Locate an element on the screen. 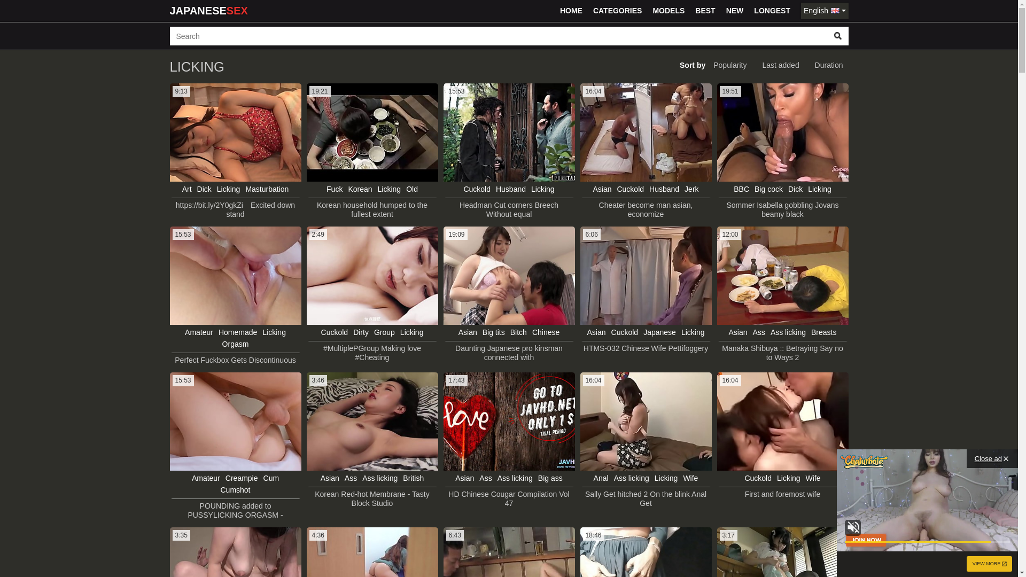 The width and height of the screenshot is (1026, 577). 'Popularity' is located at coordinates (708, 65).